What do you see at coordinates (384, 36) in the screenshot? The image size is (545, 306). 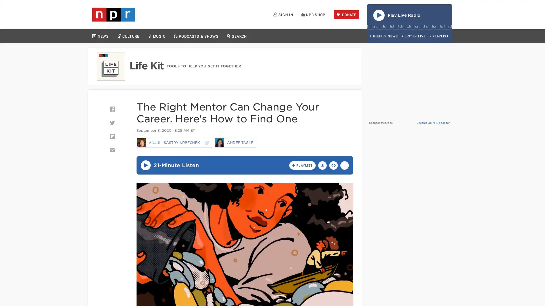 I see `HOURLY NEWS` at bounding box center [384, 36].